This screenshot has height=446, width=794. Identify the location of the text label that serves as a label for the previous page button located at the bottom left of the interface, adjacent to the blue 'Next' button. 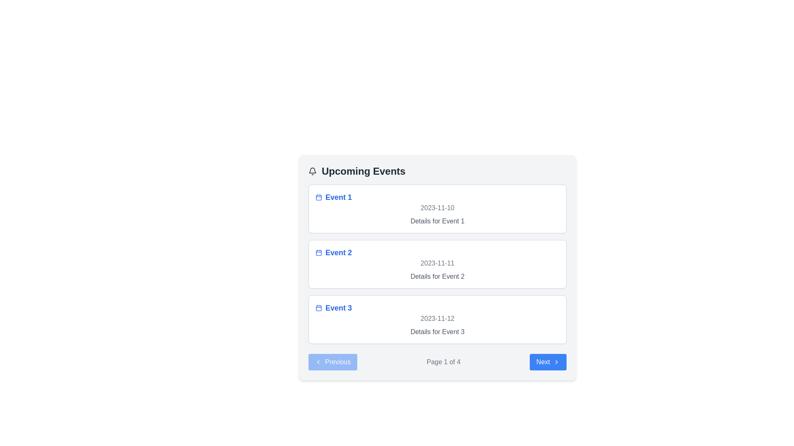
(338, 361).